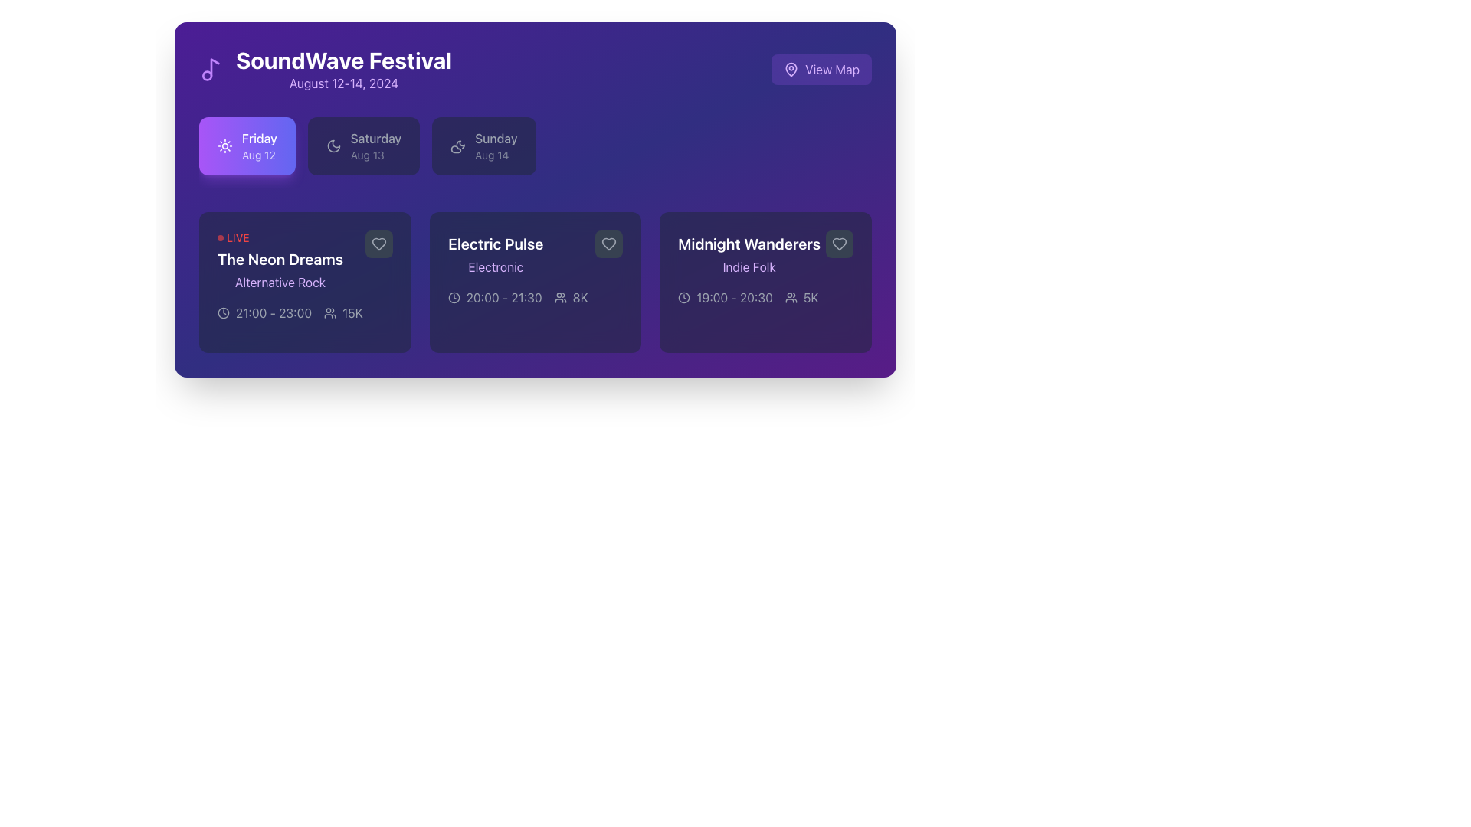  Describe the element at coordinates (378, 244) in the screenshot. I see `the favorite button located in the top-right corner of the 'The Neon Dreams' event card` at that location.